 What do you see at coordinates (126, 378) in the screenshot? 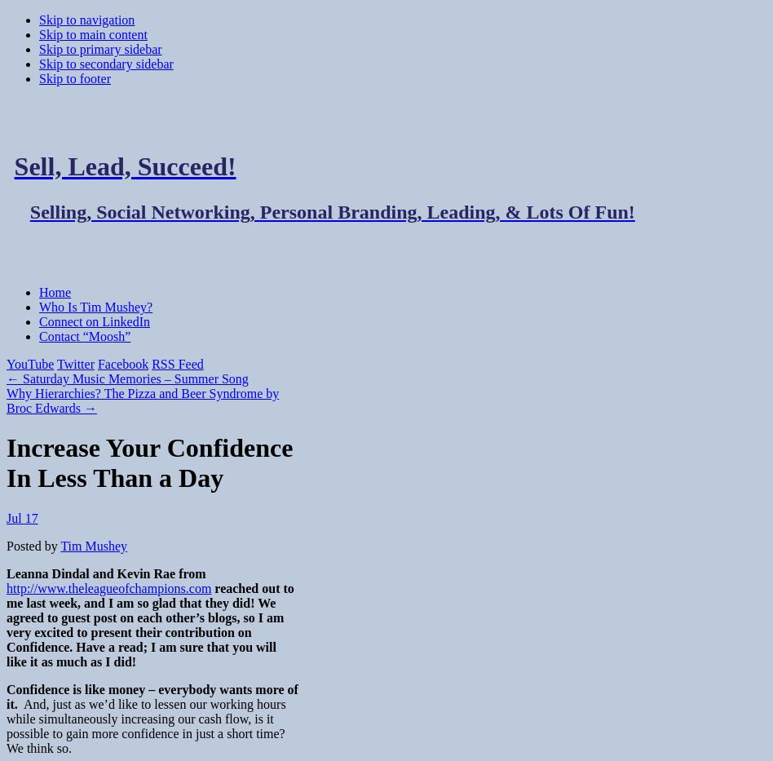
I see `'← Saturday Music Memories – Summer Song'` at bounding box center [126, 378].